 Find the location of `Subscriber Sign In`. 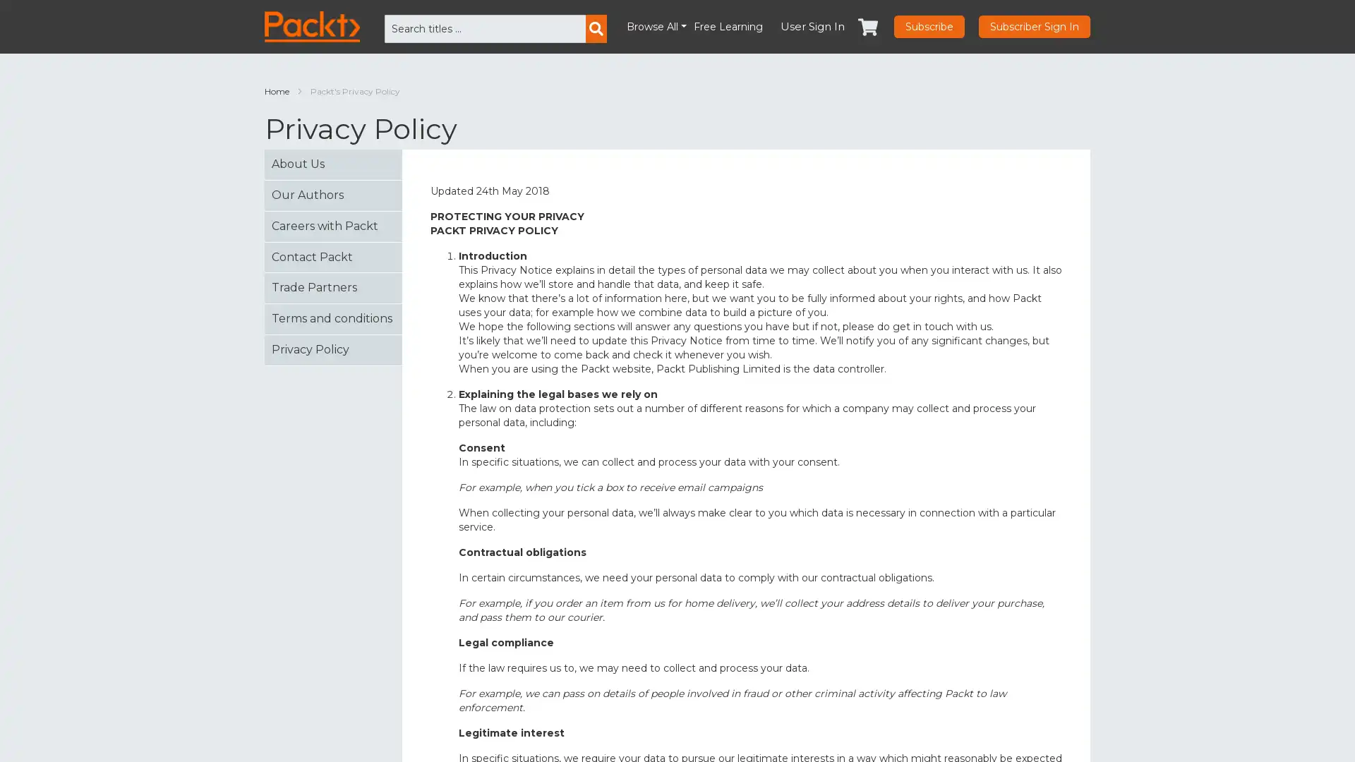

Subscriber Sign In is located at coordinates (1034, 27).